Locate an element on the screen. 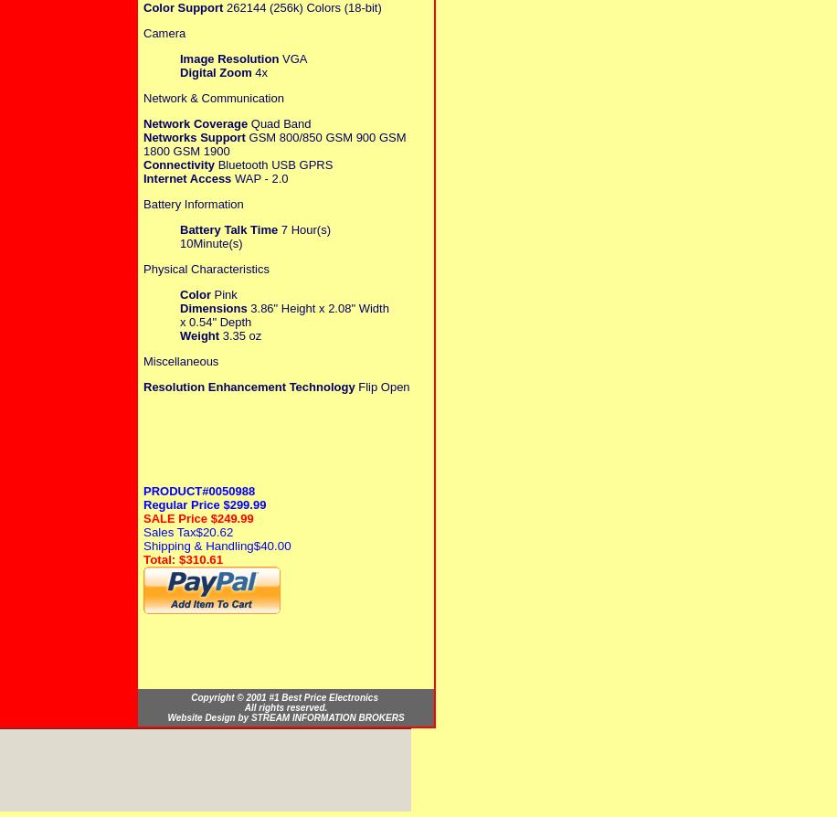 The image size is (837, 817). 'Physical Characteristics' is located at coordinates (205, 267).